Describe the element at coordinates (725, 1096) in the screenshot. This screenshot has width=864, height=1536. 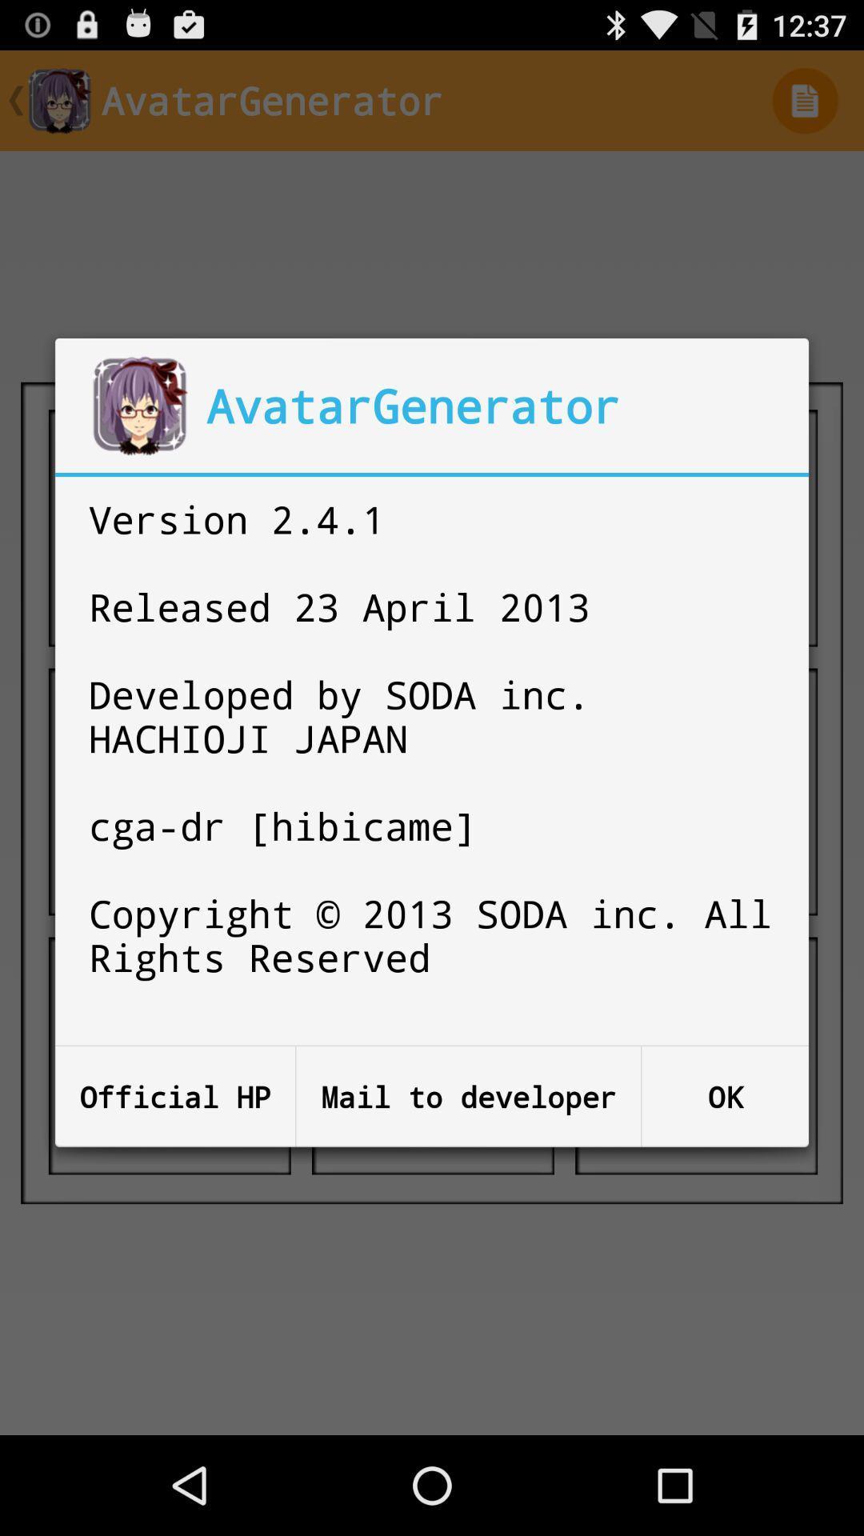
I see `the item at the bottom right corner` at that location.